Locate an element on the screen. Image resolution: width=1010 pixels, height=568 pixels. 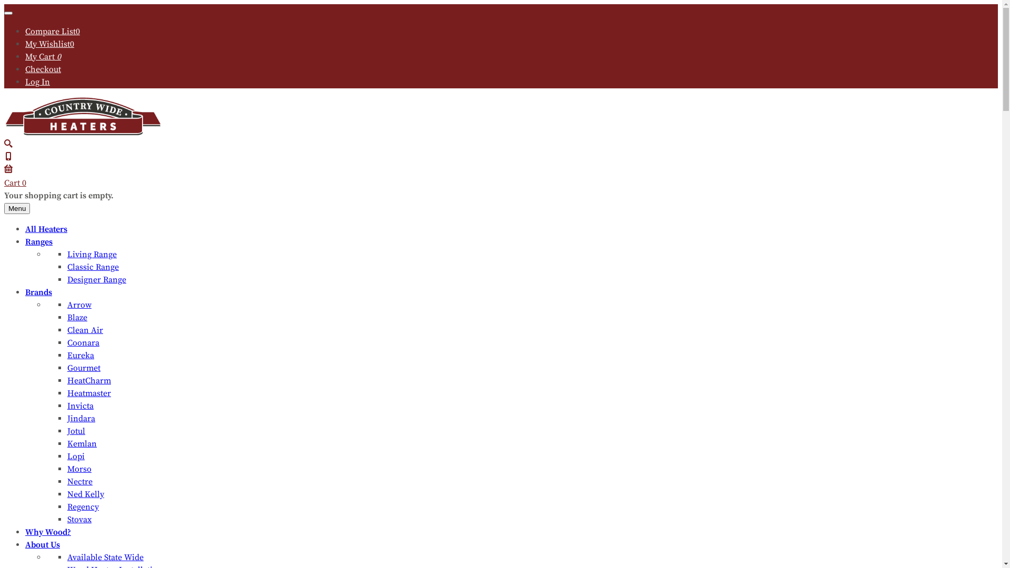
'Living Range' is located at coordinates (67, 254).